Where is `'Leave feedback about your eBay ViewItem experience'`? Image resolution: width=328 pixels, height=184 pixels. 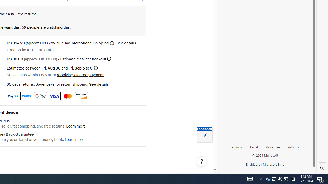
'Leave feedback about your eBay ViewItem experience' is located at coordinates (204, 136).